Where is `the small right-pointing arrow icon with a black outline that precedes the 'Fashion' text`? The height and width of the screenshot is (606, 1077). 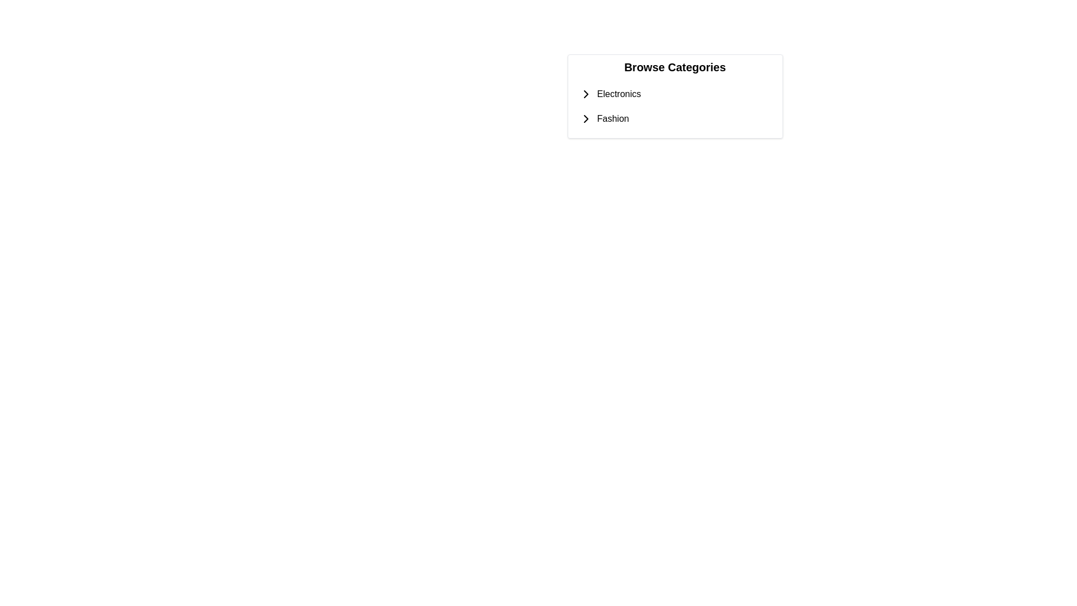 the small right-pointing arrow icon with a black outline that precedes the 'Fashion' text is located at coordinates (585, 119).